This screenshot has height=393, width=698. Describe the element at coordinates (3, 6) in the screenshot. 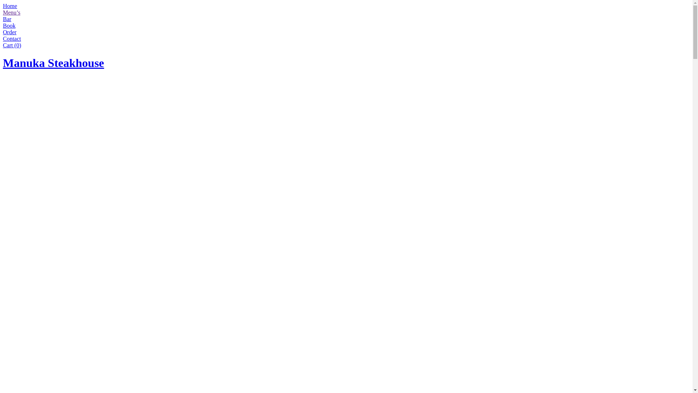

I see `'Home'` at that location.